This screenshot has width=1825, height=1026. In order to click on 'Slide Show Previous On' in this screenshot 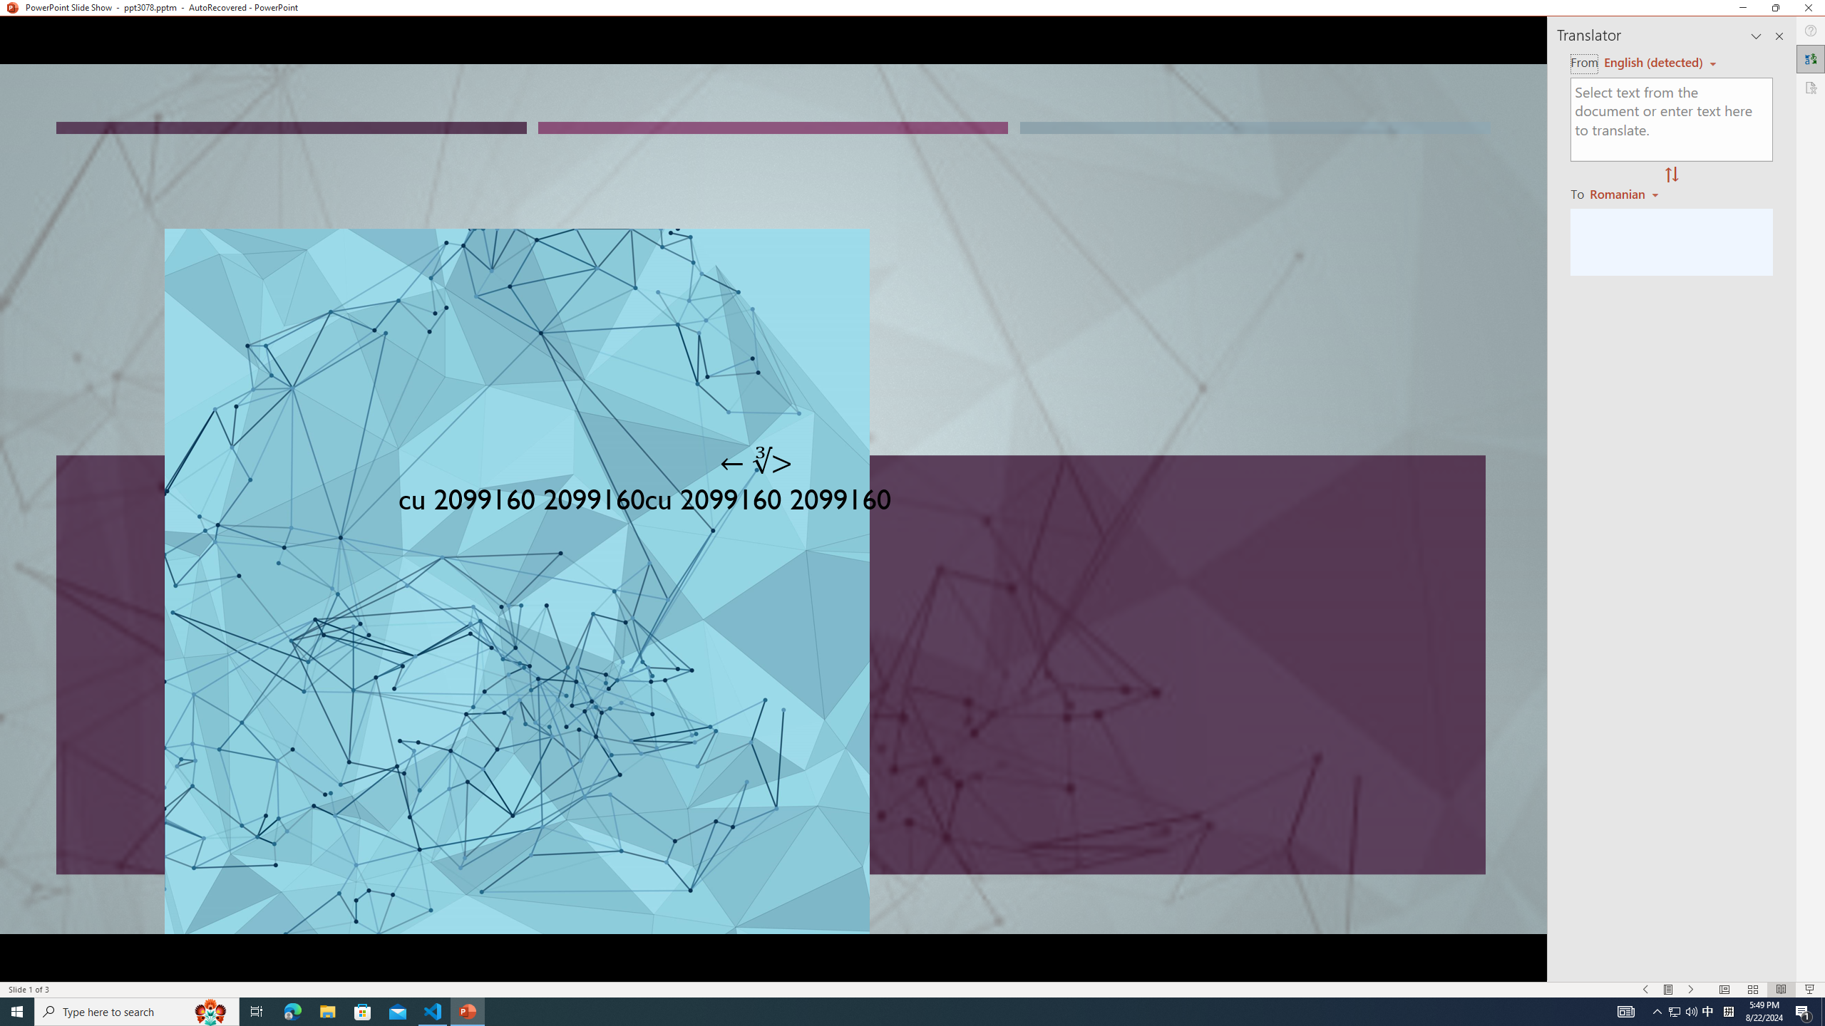, I will do `click(1645, 990)`.